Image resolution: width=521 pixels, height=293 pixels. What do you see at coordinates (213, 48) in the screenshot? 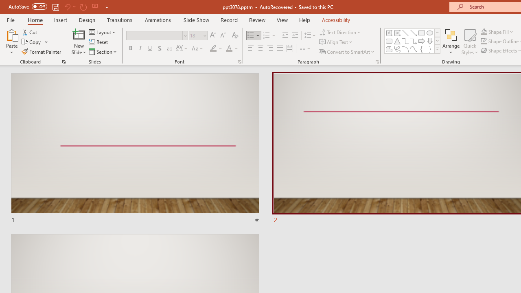
I see `'Text Highlight Color Yellow'` at bounding box center [213, 48].